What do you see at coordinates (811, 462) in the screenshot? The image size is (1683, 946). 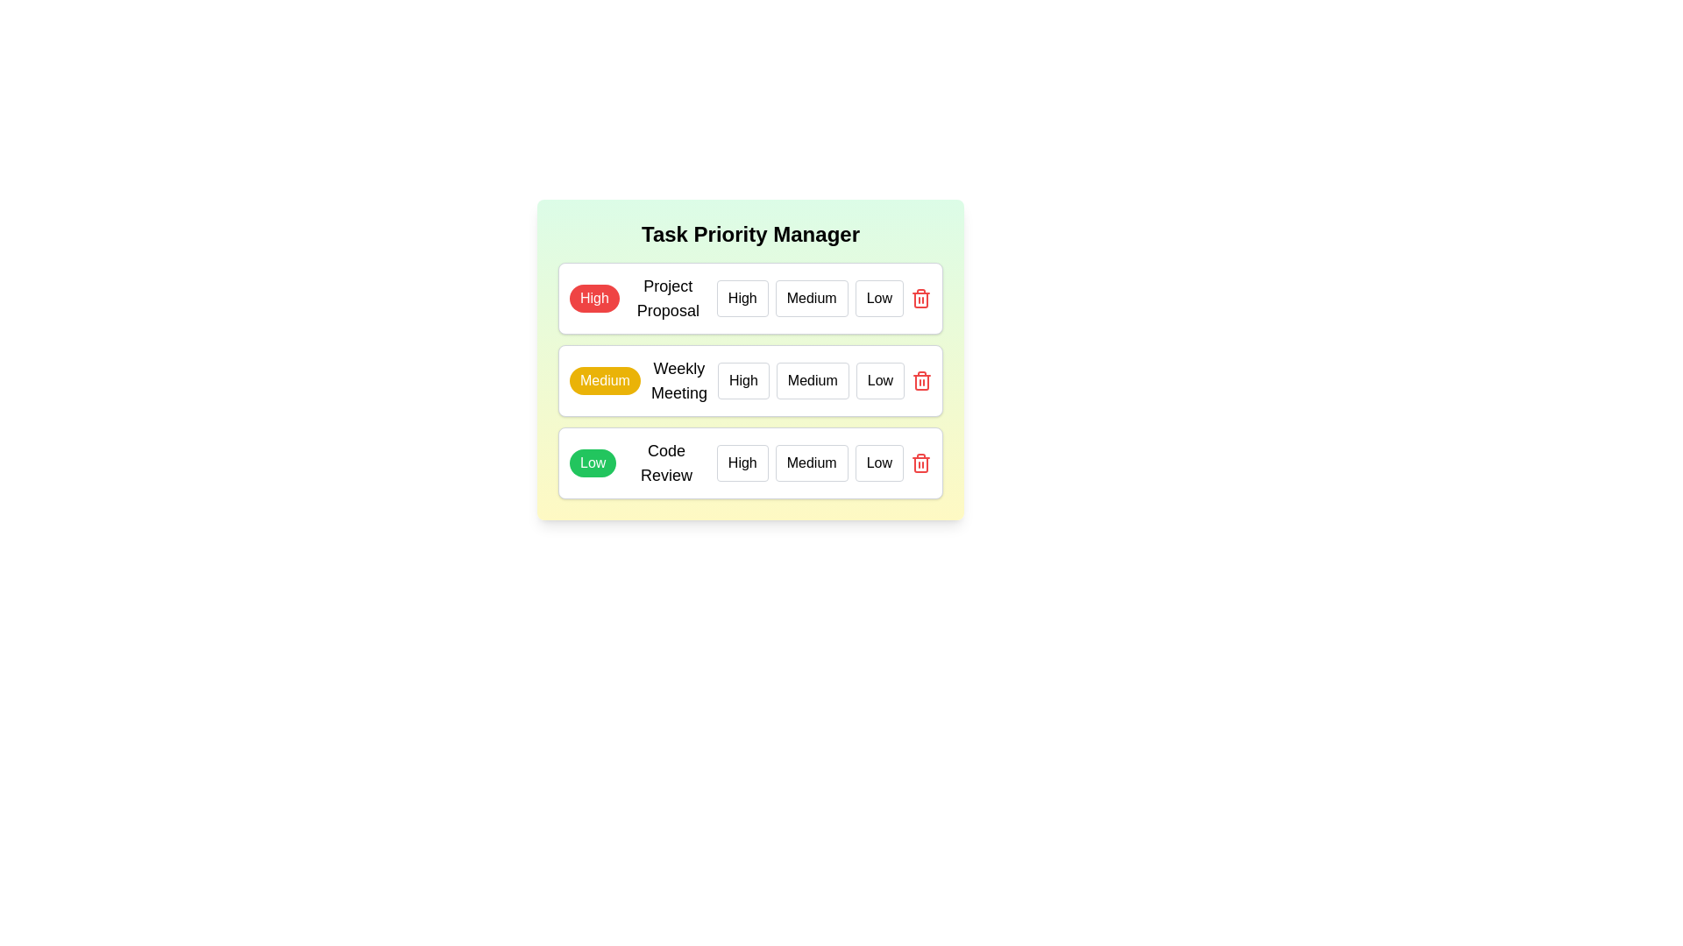 I see `the priority level Medium for the task Code Review` at bounding box center [811, 462].